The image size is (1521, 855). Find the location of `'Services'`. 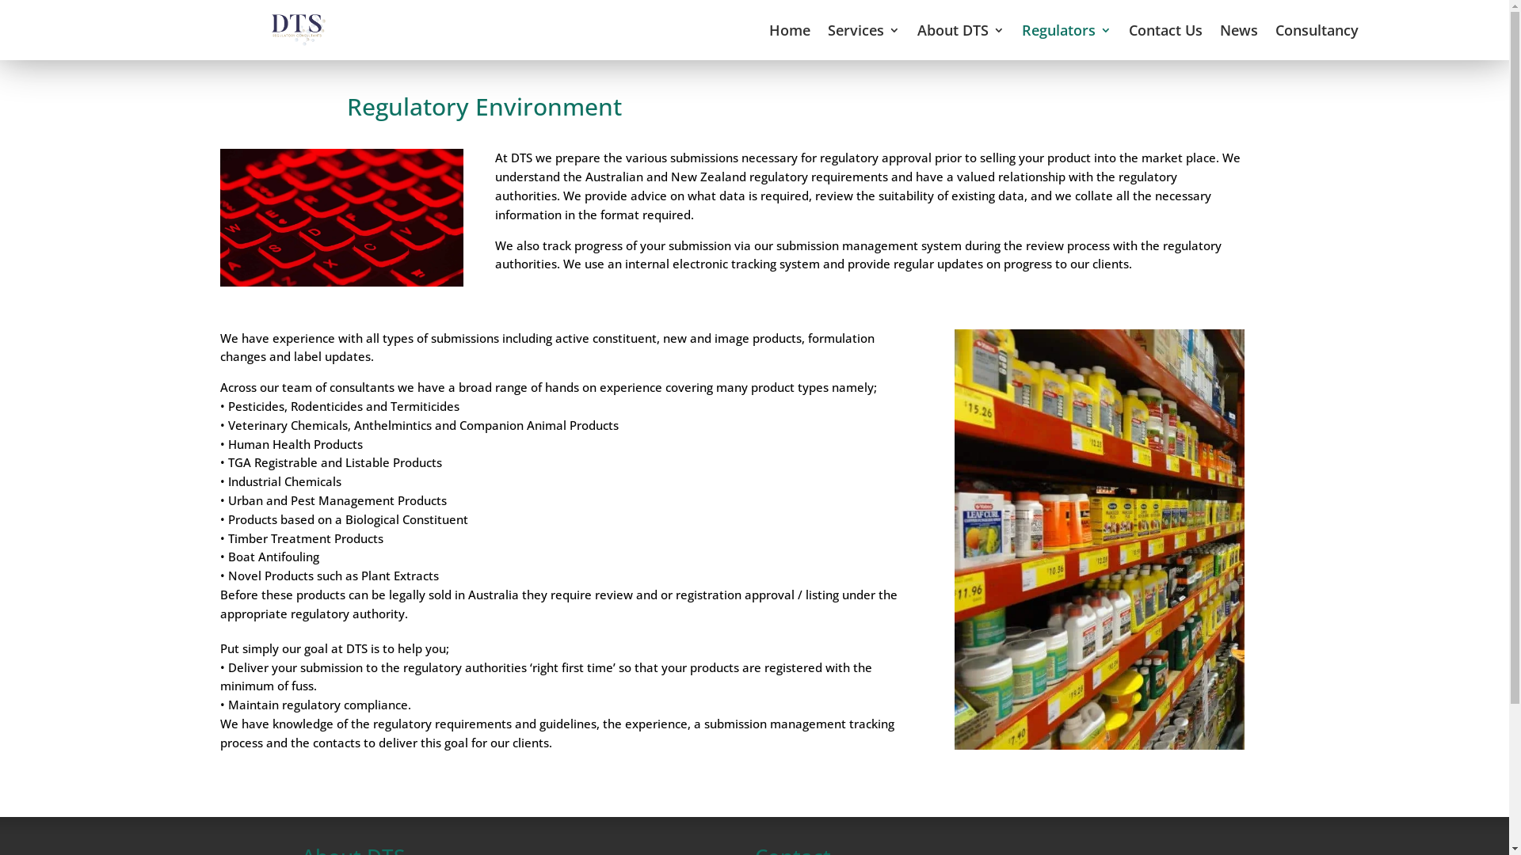

'Services' is located at coordinates (862, 30).